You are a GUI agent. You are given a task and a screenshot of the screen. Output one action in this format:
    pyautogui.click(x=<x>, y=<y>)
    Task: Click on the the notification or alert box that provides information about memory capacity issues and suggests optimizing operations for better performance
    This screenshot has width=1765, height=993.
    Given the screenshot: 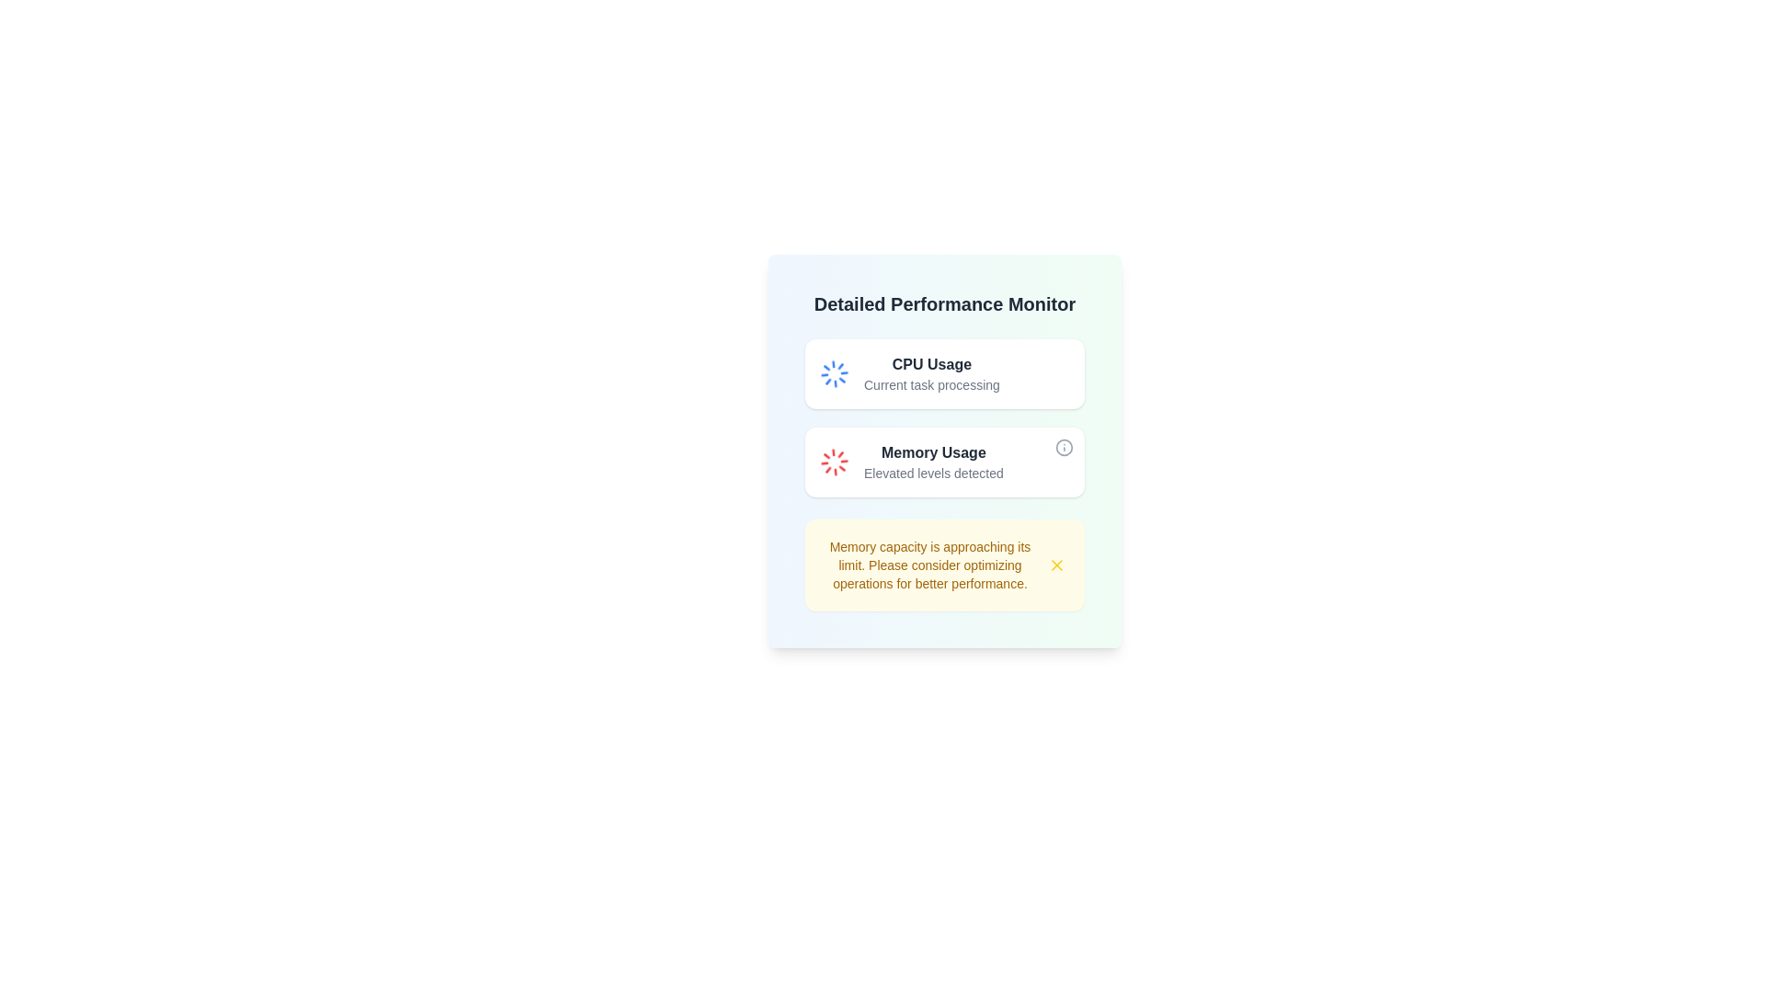 What is the action you would take?
    pyautogui.click(x=944, y=564)
    